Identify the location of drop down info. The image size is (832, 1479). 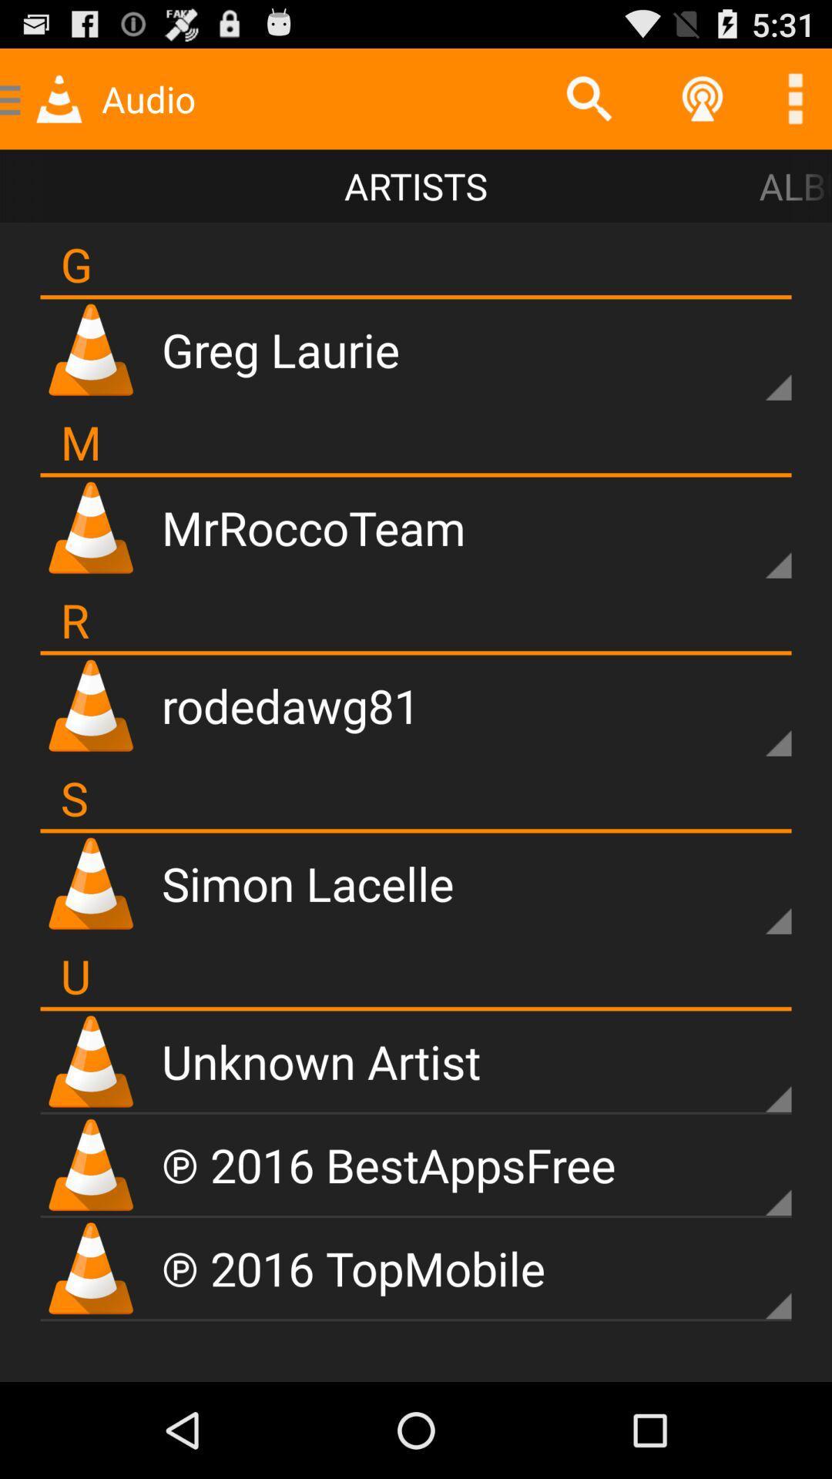
(751, 539).